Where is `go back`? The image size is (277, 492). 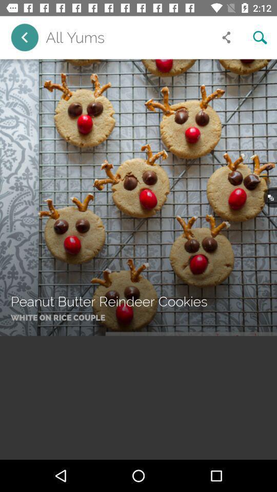
go back is located at coordinates (25, 37).